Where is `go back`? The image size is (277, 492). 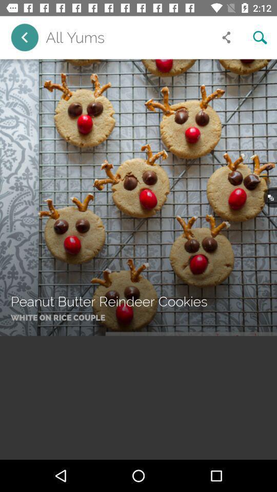
go back is located at coordinates (25, 37).